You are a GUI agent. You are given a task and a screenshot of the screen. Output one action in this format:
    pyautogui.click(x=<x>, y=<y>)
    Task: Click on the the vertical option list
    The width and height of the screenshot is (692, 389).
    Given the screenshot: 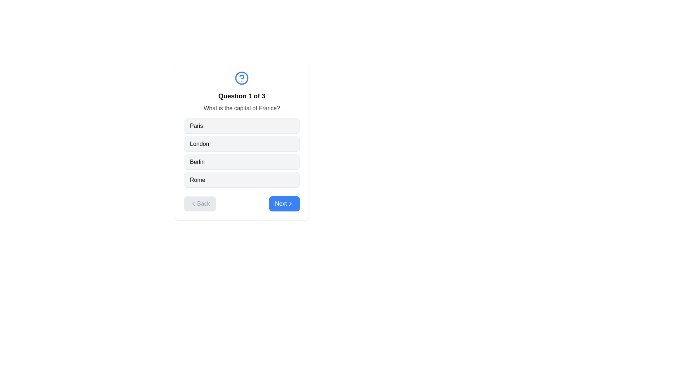 What is the action you would take?
    pyautogui.click(x=242, y=152)
    